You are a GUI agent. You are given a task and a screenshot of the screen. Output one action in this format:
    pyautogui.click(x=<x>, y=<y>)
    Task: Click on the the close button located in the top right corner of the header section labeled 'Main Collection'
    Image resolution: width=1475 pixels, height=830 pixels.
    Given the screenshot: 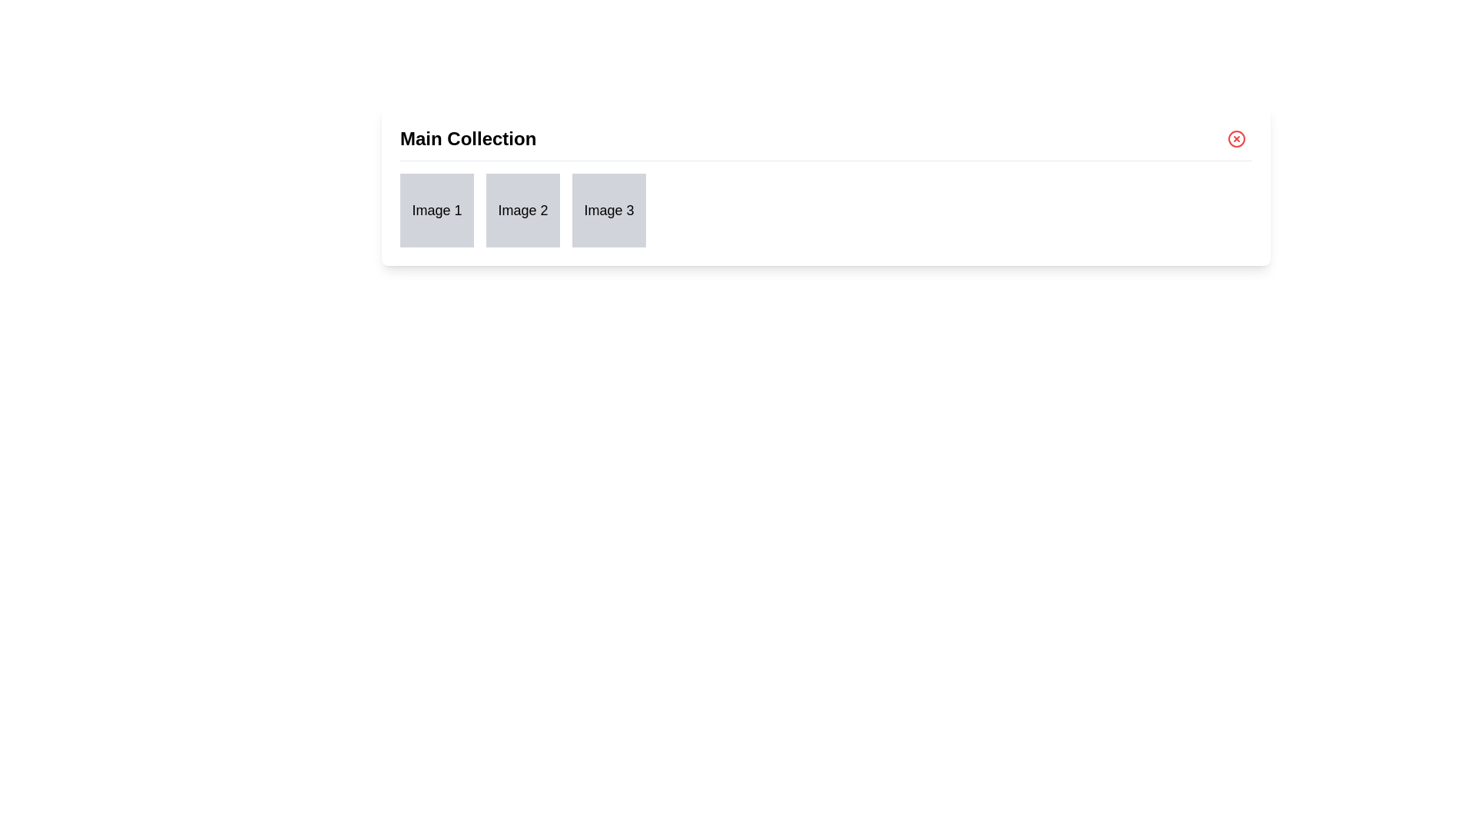 What is the action you would take?
    pyautogui.click(x=1236, y=139)
    